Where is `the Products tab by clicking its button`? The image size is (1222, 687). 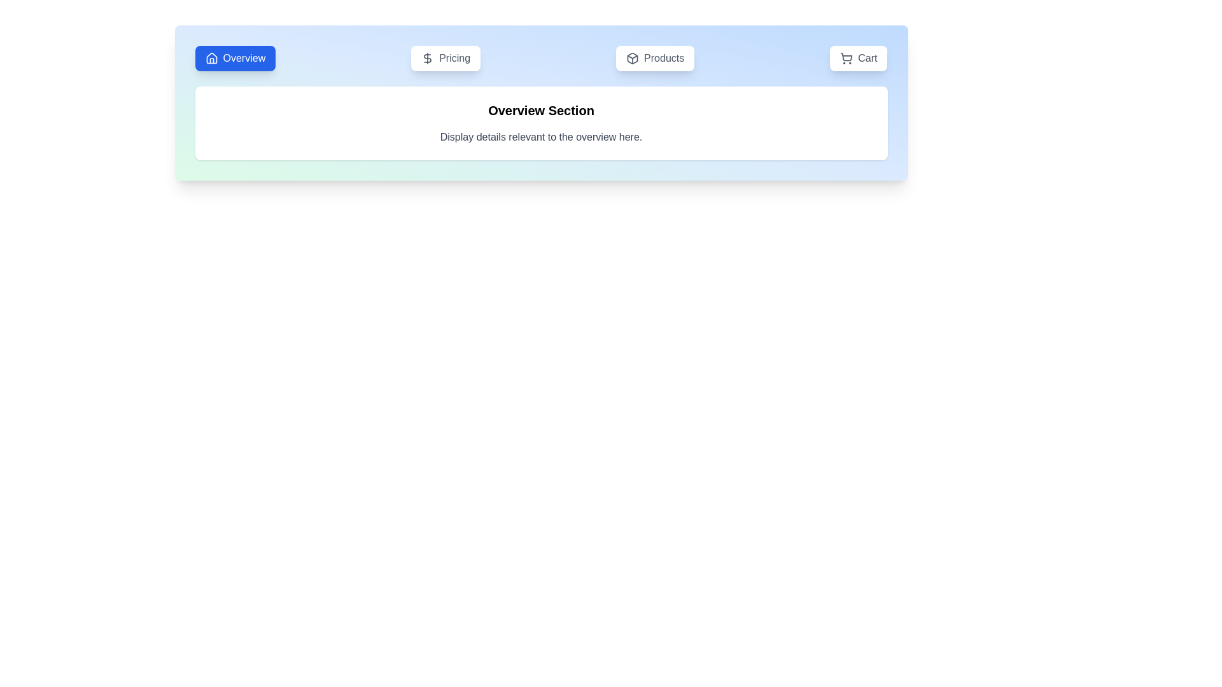
the Products tab by clicking its button is located at coordinates (655, 59).